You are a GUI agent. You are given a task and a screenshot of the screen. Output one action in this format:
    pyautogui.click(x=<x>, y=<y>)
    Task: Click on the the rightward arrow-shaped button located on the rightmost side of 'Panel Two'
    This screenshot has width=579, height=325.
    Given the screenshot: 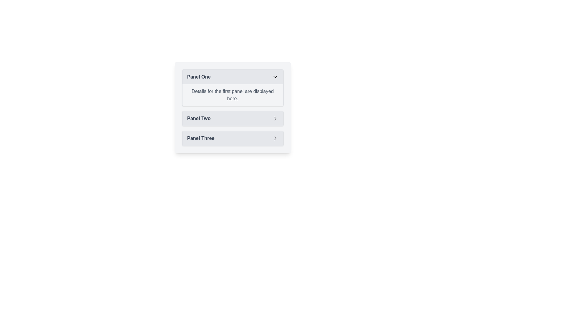 What is the action you would take?
    pyautogui.click(x=275, y=118)
    